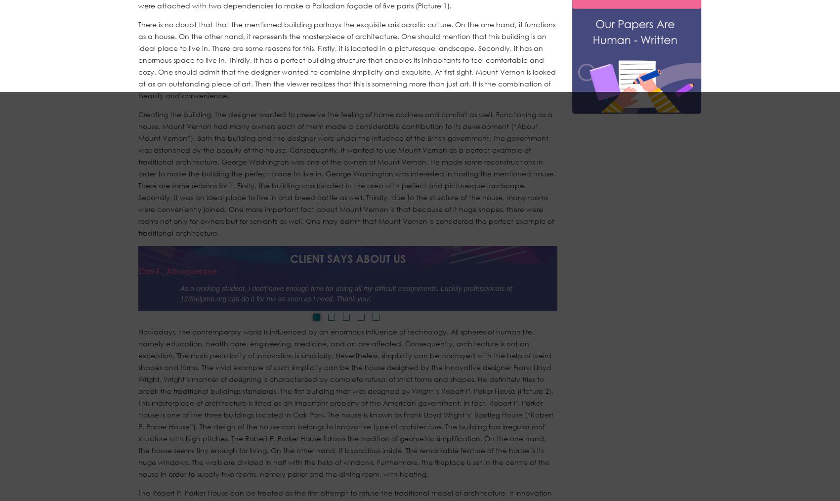 The image size is (840, 501). What do you see at coordinates (138, 403) in the screenshot?
I see `'Nowadays, the contemporary world is influenced by an enormous influence of technology. All spheres of human life, namely education, health care, engineering, medicine, and art are affected. Consequently, architecture is not an exception. The main peculiarity of innovation is simplicity. Nevertheless, simplicity can be portrayed with the help of weird shapes and forms. The vivid example of such simplicity can be the house designed by the innovative designer Frank Lloyd Wright. Wright’s manner of designing is characterized by complete refusal of strict forms and shapes. He definitely tries to break the traditional buildings standards. The first building that was designed by Wright is Robert P. Paker House (Picture 2). This masterpiece of architecture is listed as an important property of the American government. In fact, Robert P. Parker House is one of the three buildings located in Oak Park. The house is known as Frank Lloyd Wright’s’ Bootleg House (“Robert P. Parker House”). The design of the house can belongs to innovative type of architecture. The building has irregular roof structure with high pitches. The Robert P. Parker House follows the tradition of geometric simplification. On the one hand, the house seems tiny enough for living. On the other hand, it is spacious inside. The remarkable feature of the house is its huge windows. The walls are divided in half with the help of windows. Furthermore, the fireplace is set in the centre of the house in order to supply two rooms, namely parlor and the dining room, with heating.'` at bounding box center [138, 403].